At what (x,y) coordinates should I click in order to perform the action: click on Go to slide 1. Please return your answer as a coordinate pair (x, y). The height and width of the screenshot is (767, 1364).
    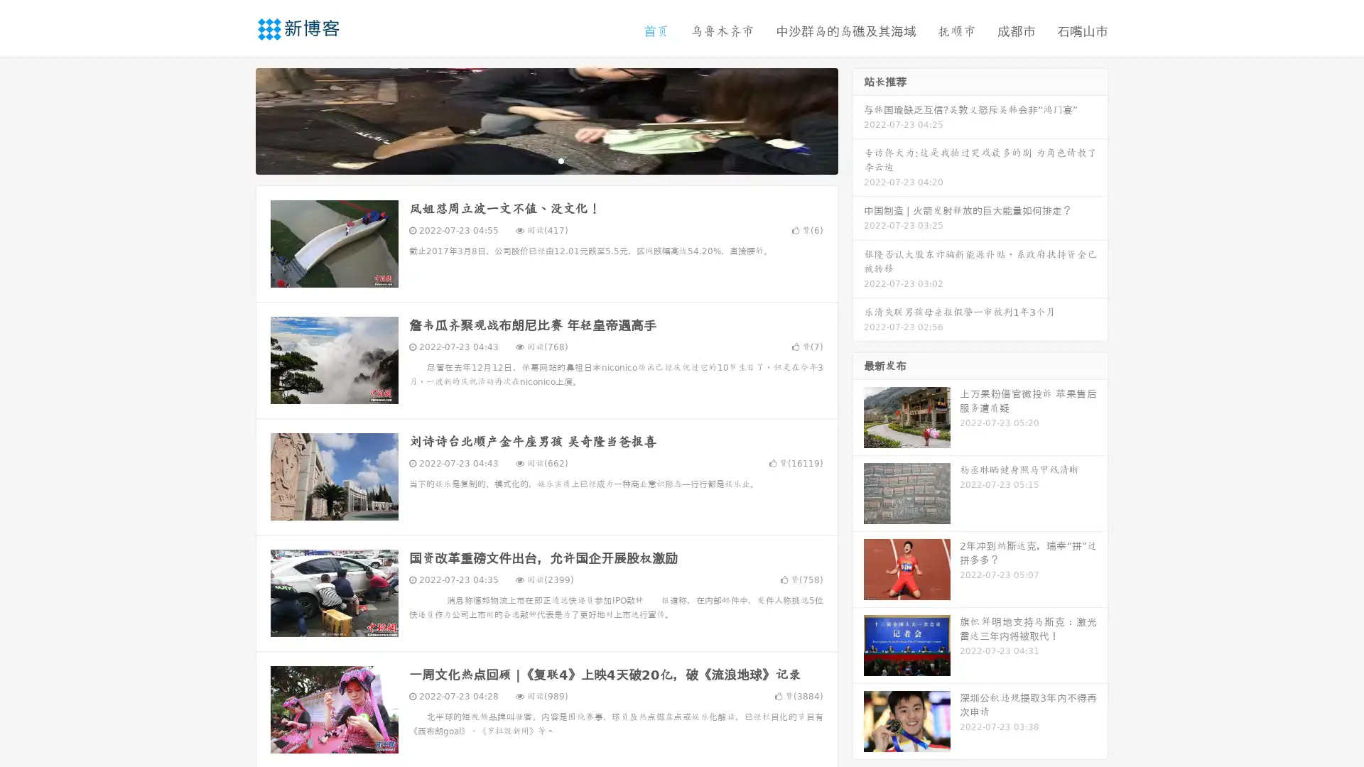
    Looking at the image, I should click on (531, 160).